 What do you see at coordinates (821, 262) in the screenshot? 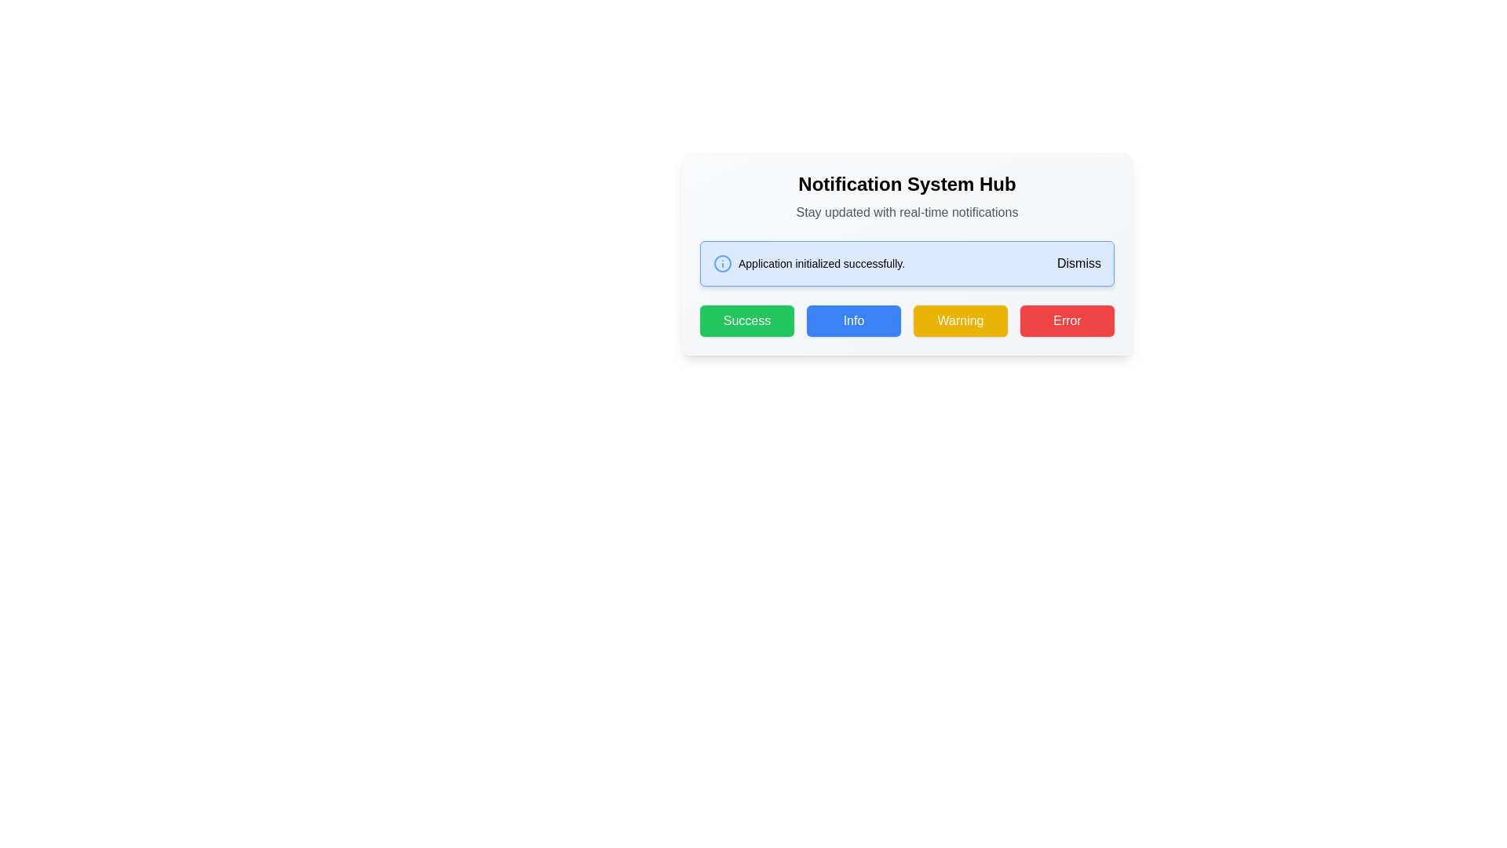
I see `the text label displaying 'Application initialized successfully.' which is located in the notification area, adjacent to the information icon and to the left of the dismiss button` at bounding box center [821, 262].